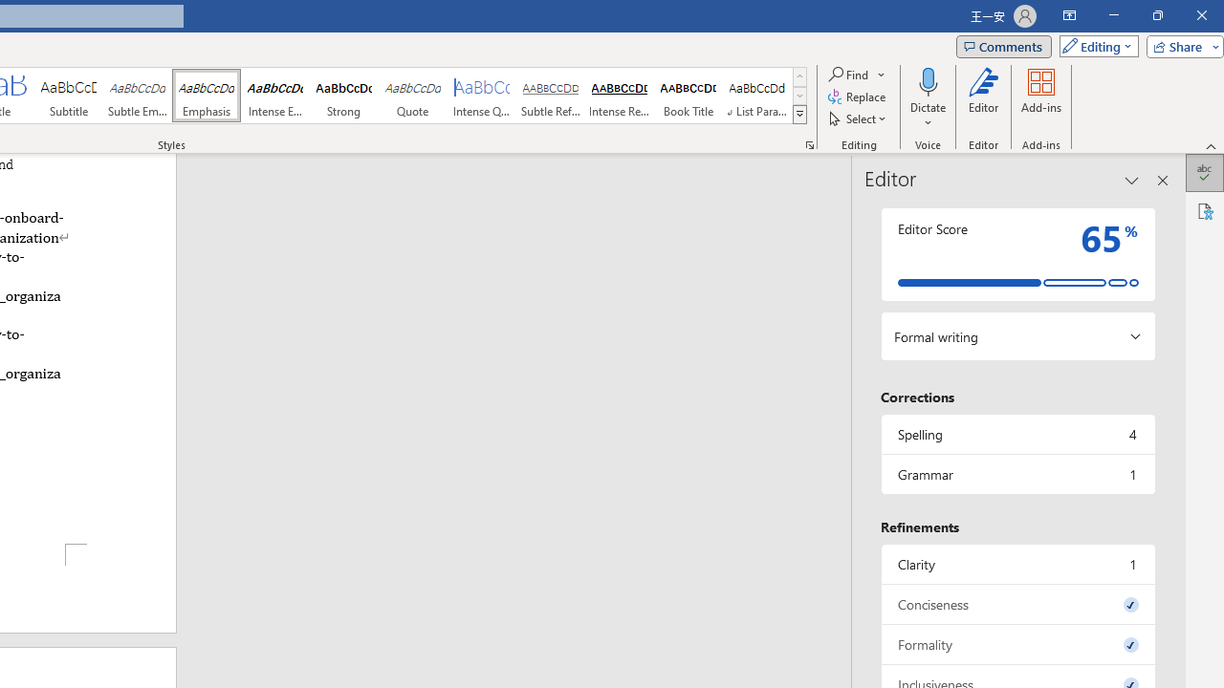 The image size is (1224, 688). What do you see at coordinates (1016, 473) in the screenshot?
I see `'Grammar, 1 issue. Press space or enter to review items.'` at bounding box center [1016, 473].